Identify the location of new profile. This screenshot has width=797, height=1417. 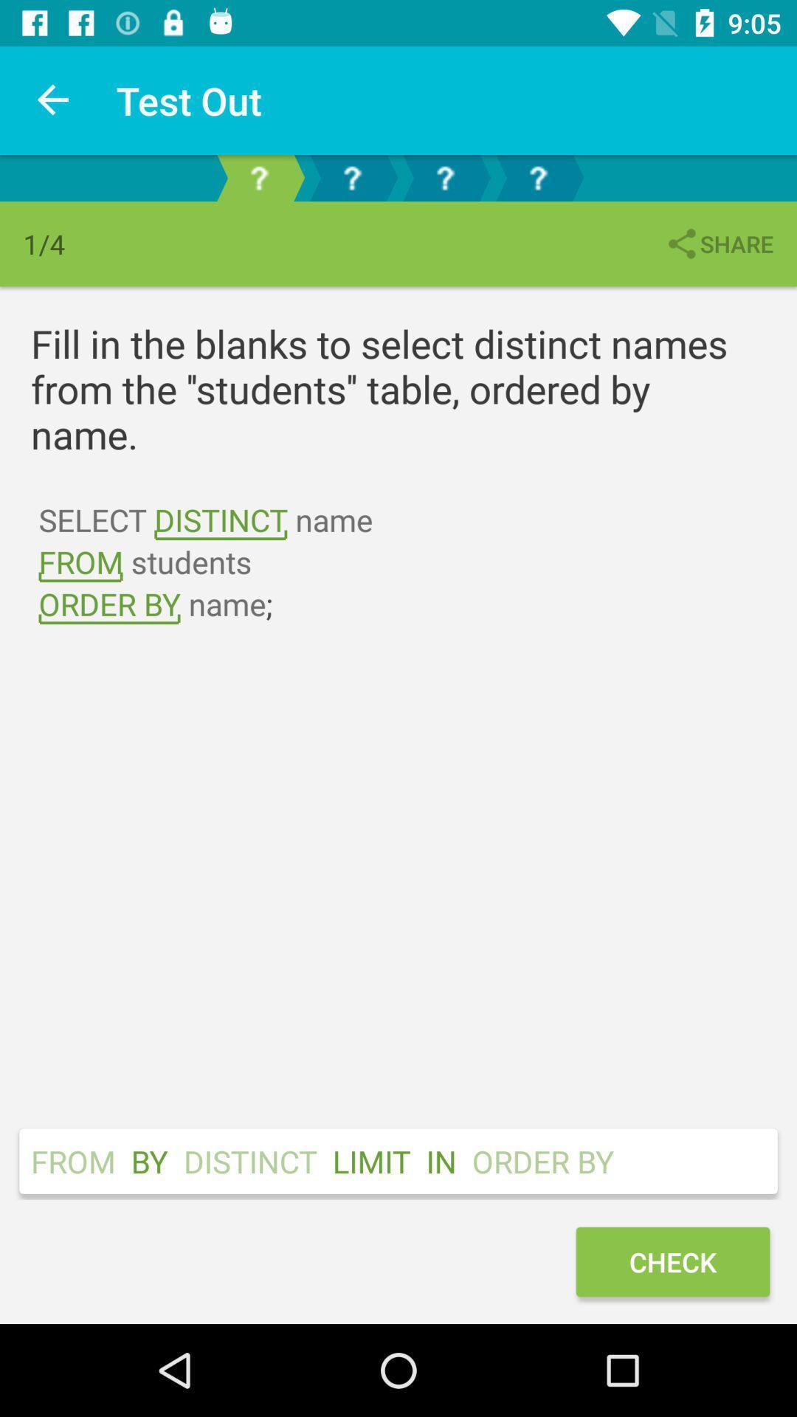
(258, 177).